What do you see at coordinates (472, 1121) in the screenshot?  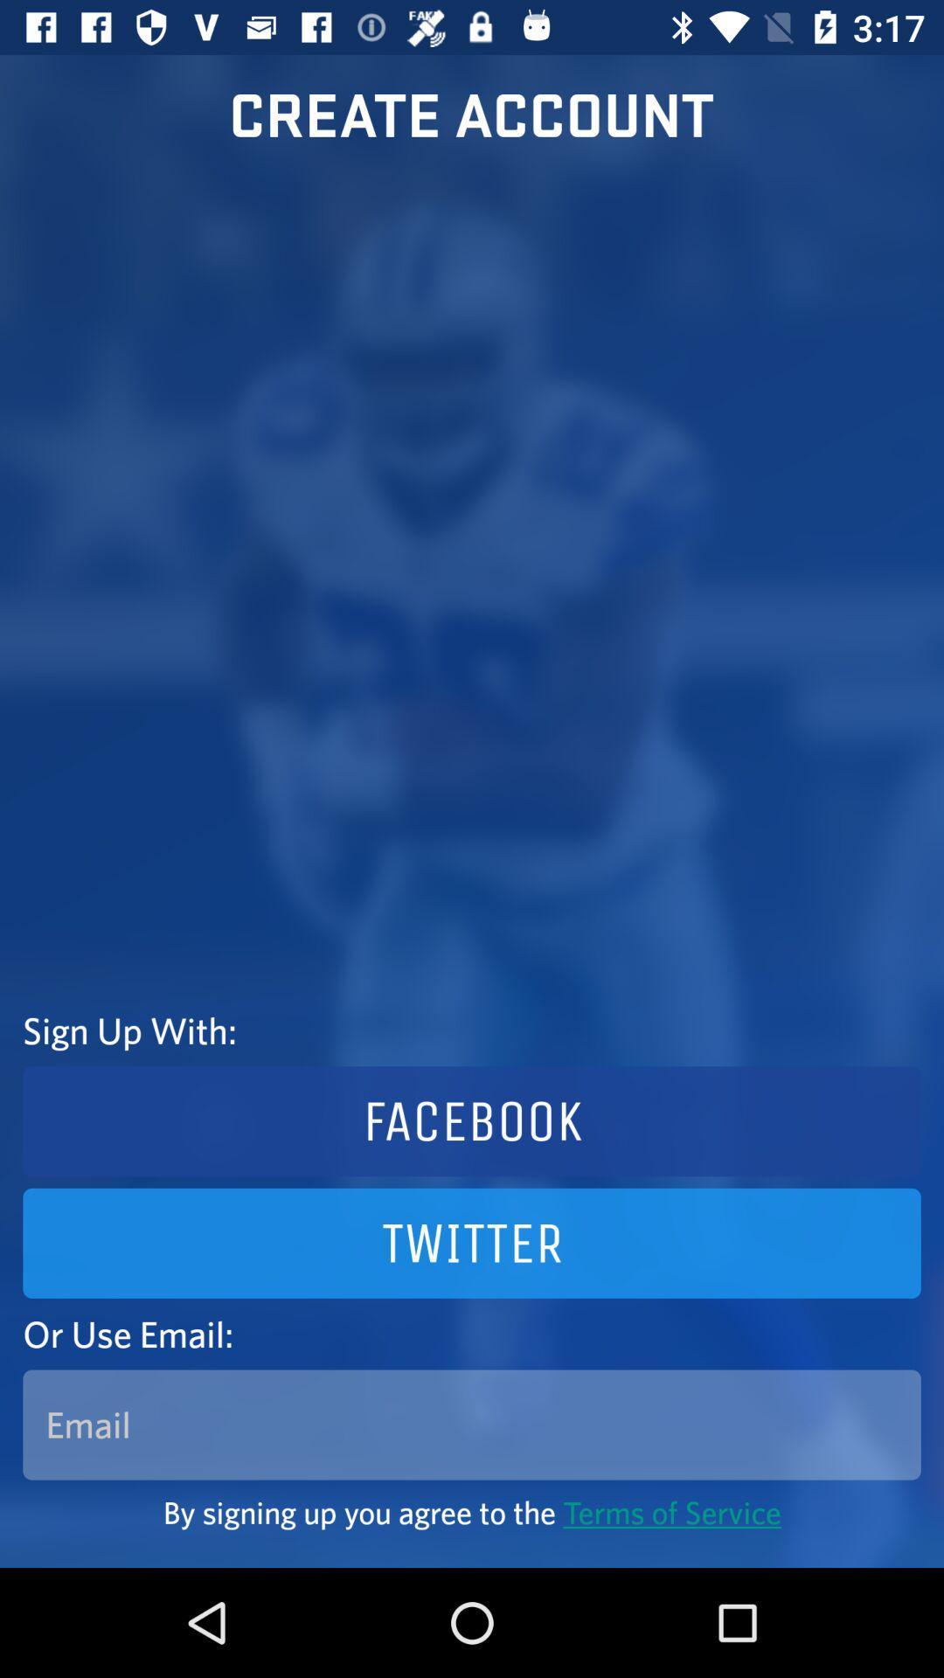 I see `the facebook icon` at bounding box center [472, 1121].